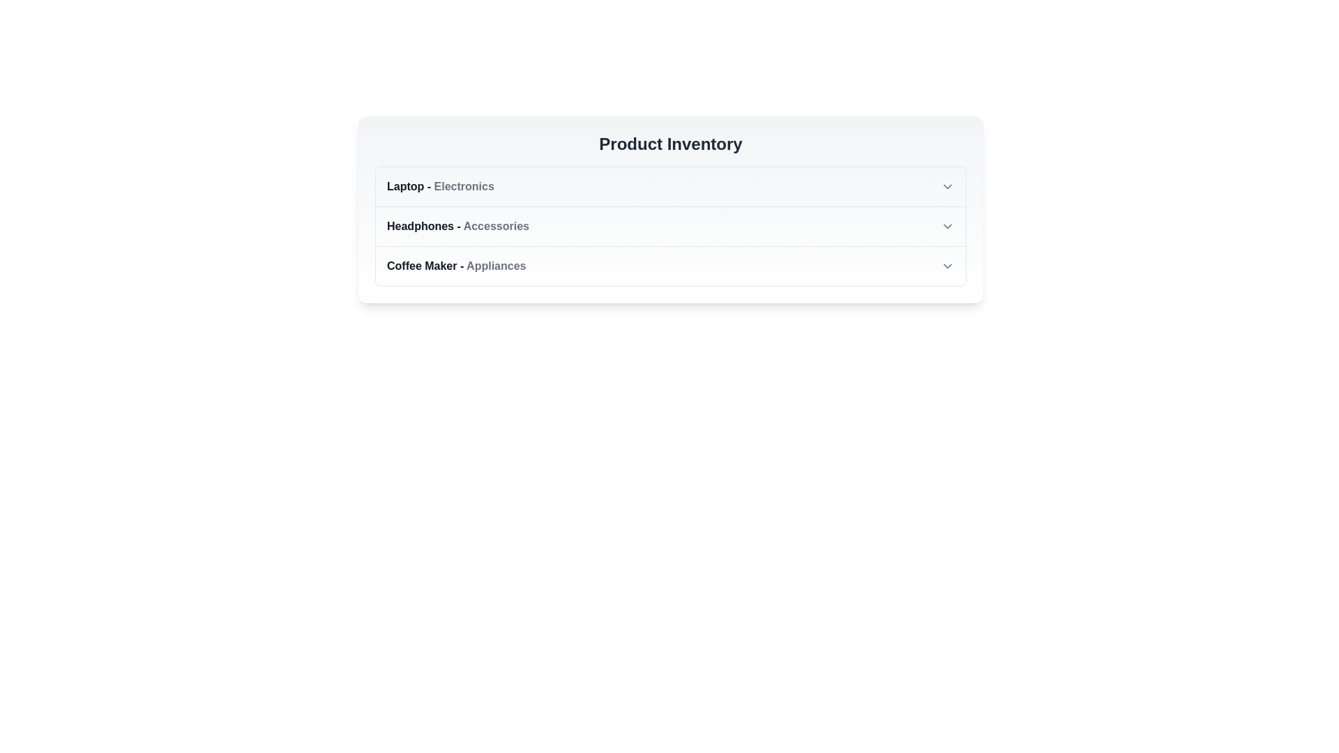  What do you see at coordinates (947, 185) in the screenshot?
I see `the chevron icon to expand or collapse the row for Laptop - Electronics` at bounding box center [947, 185].